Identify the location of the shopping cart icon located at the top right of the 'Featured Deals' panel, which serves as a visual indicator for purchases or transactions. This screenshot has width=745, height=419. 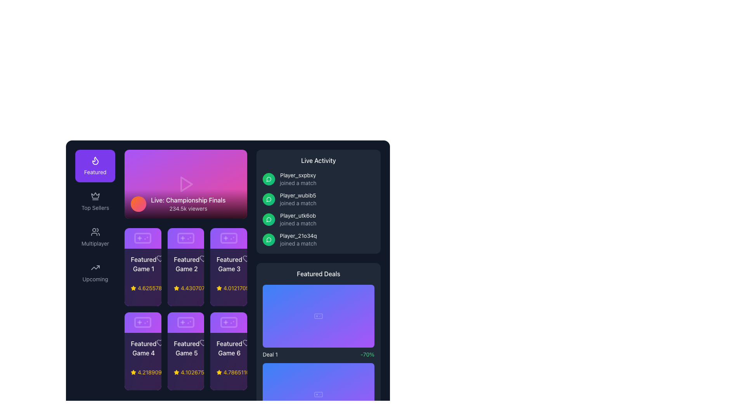
(321, 288).